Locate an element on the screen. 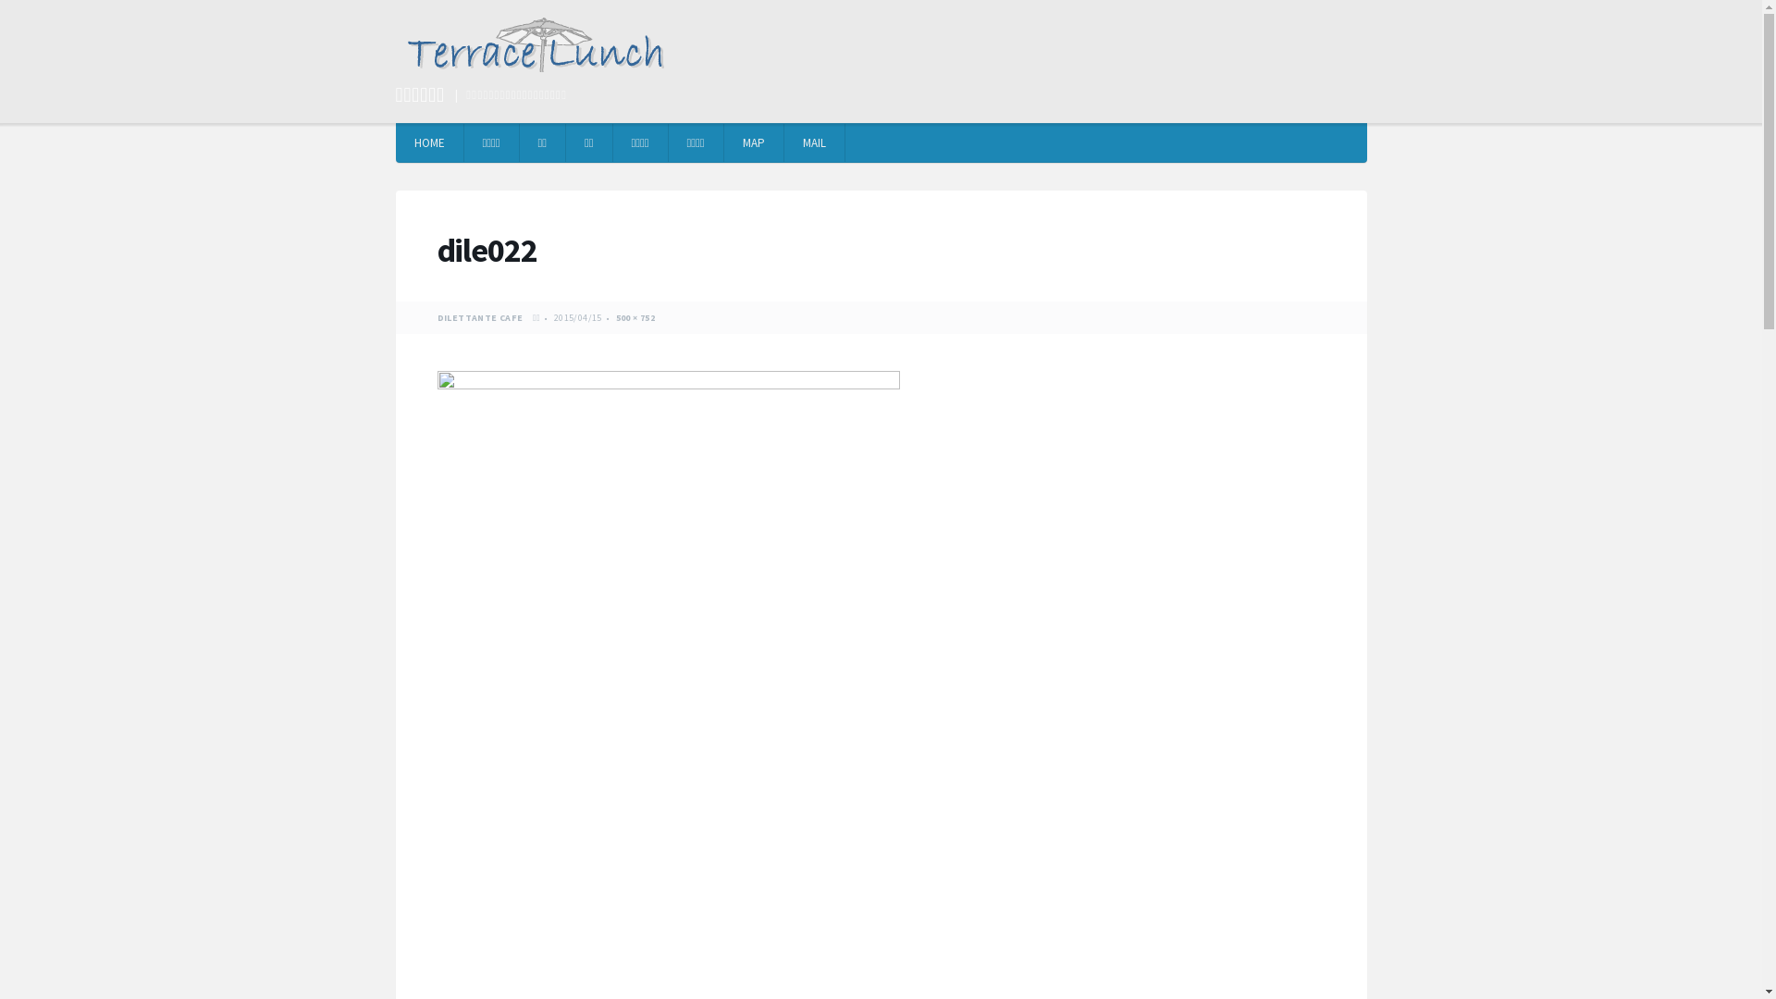 The height and width of the screenshot is (999, 1776). 'MAIL' is located at coordinates (814, 142).